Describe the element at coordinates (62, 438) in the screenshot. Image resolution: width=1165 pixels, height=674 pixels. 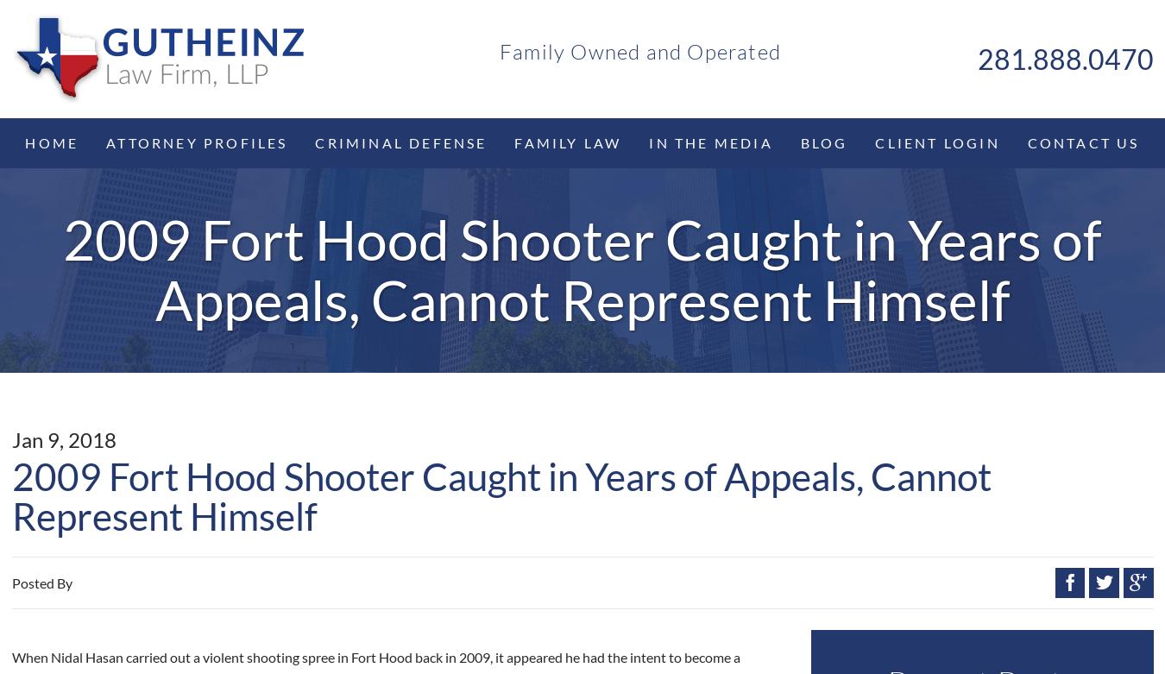
I see `'Jan 9, 2018'` at that location.